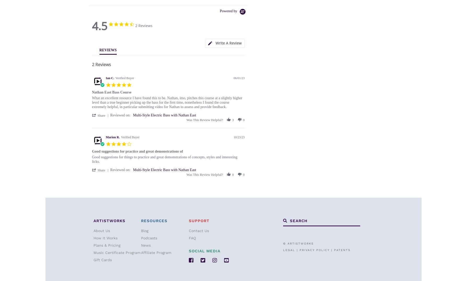 This screenshot has width=467, height=281. Describe the element at coordinates (99, 50) in the screenshot. I see `'REVIEWS'` at that location.